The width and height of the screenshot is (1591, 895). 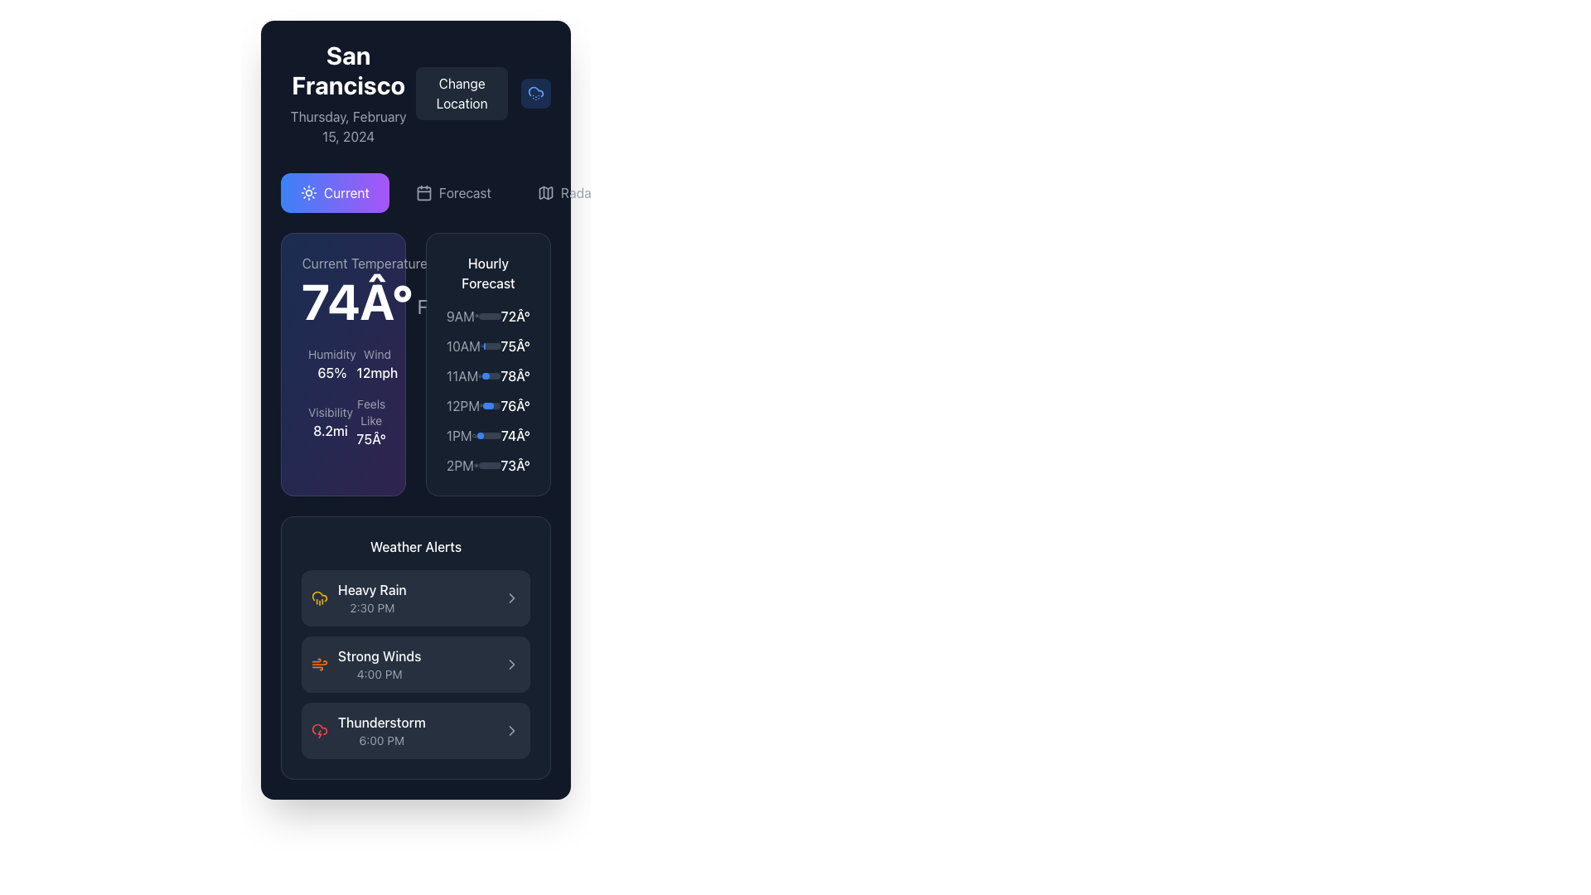 What do you see at coordinates (511, 730) in the screenshot?
I see `the compact right-facing chevron icon located in the 'Weather Alerts' section, to the right of the 'Strong Winds' alert row` at bounding box center [511, 730].